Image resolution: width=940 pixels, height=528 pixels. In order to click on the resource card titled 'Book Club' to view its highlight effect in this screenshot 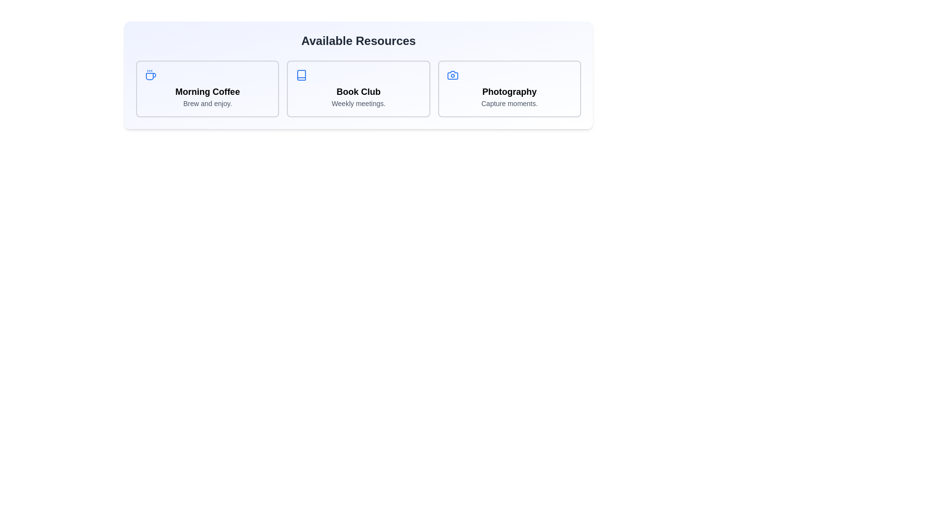, I will do `click(357, 88)`.